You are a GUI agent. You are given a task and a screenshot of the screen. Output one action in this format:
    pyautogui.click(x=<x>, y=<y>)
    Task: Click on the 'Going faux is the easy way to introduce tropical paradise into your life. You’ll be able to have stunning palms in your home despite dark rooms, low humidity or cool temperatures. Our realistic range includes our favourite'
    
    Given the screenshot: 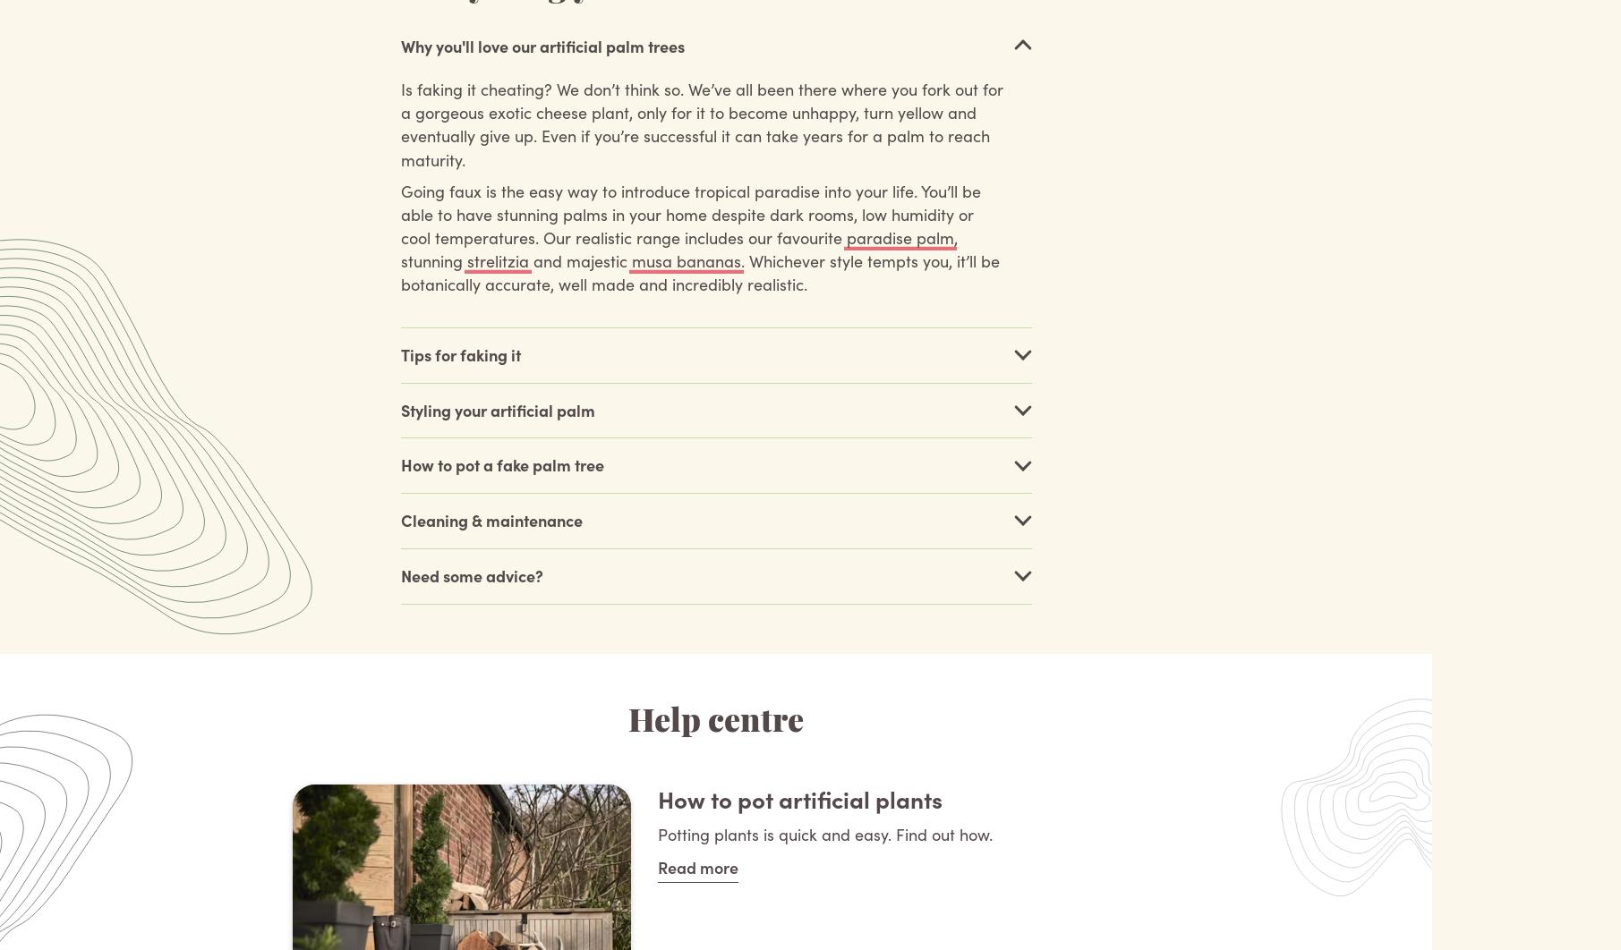 What is the action you would take?
    pyautogui.click(x=688, y=213)
    